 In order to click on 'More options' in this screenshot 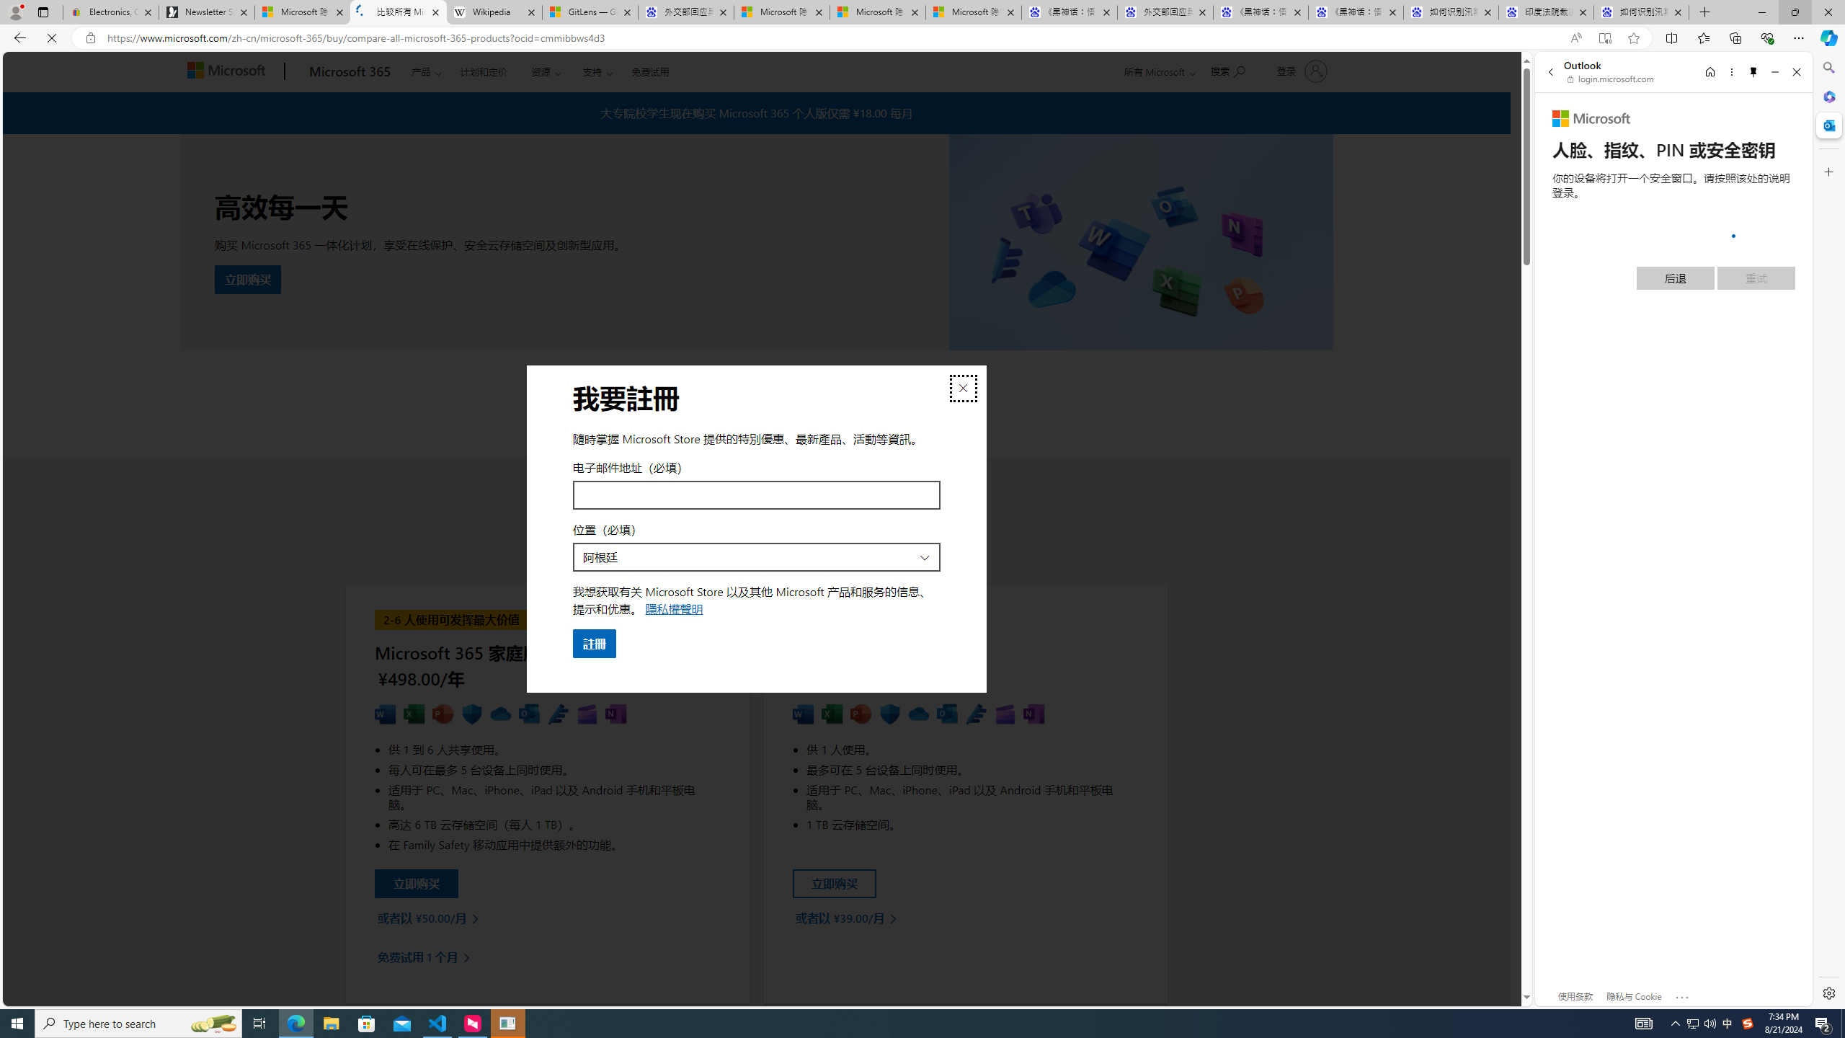, I will do `click(1730, 71)`.